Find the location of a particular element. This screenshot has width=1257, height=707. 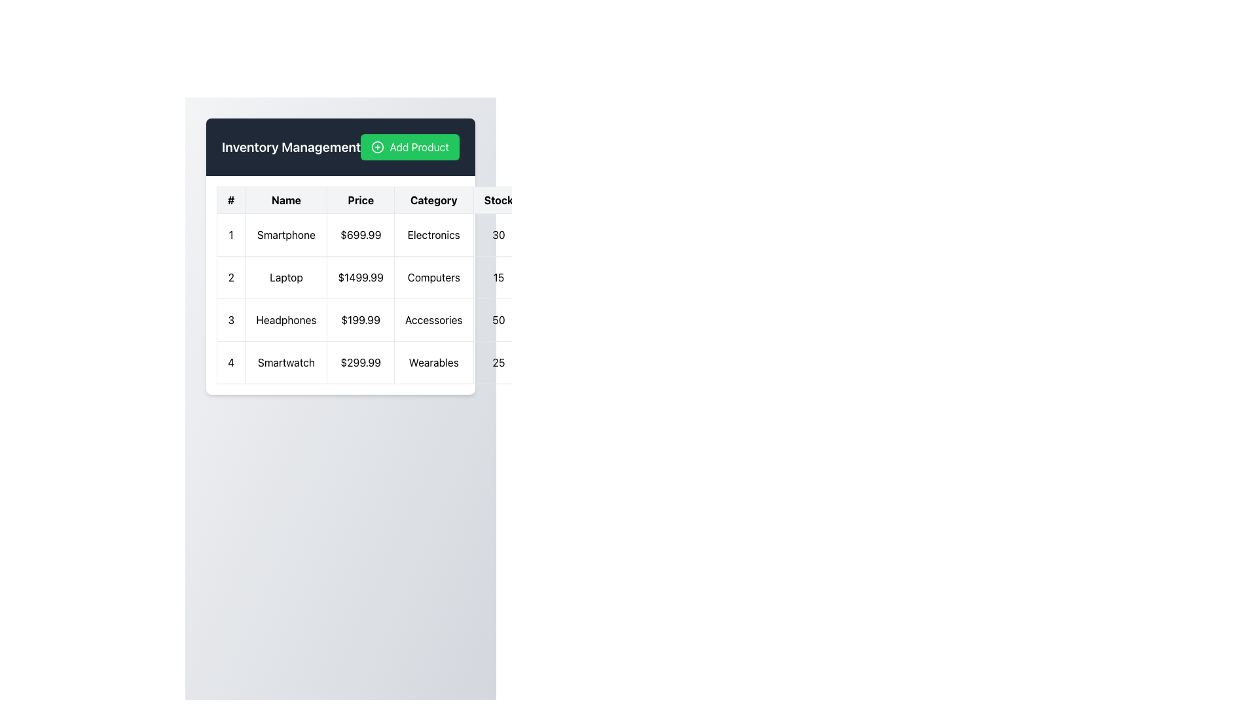

the 'Accessories' text label in the third row of the 'Category' column is located at coordinates (433, 320).